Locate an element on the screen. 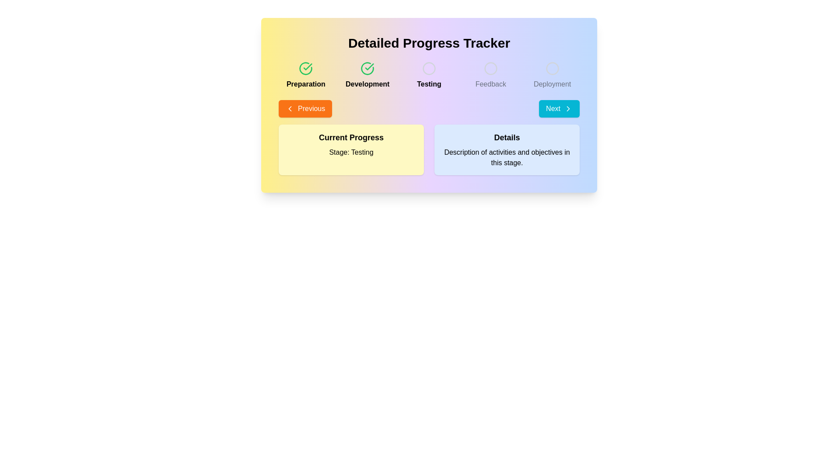 The width and height of the screenshot is (840, 472). the Circular graphic indicator representing the 'Testing' phase in the progress tracker for visual feedback is located at coordinates (429, 68).